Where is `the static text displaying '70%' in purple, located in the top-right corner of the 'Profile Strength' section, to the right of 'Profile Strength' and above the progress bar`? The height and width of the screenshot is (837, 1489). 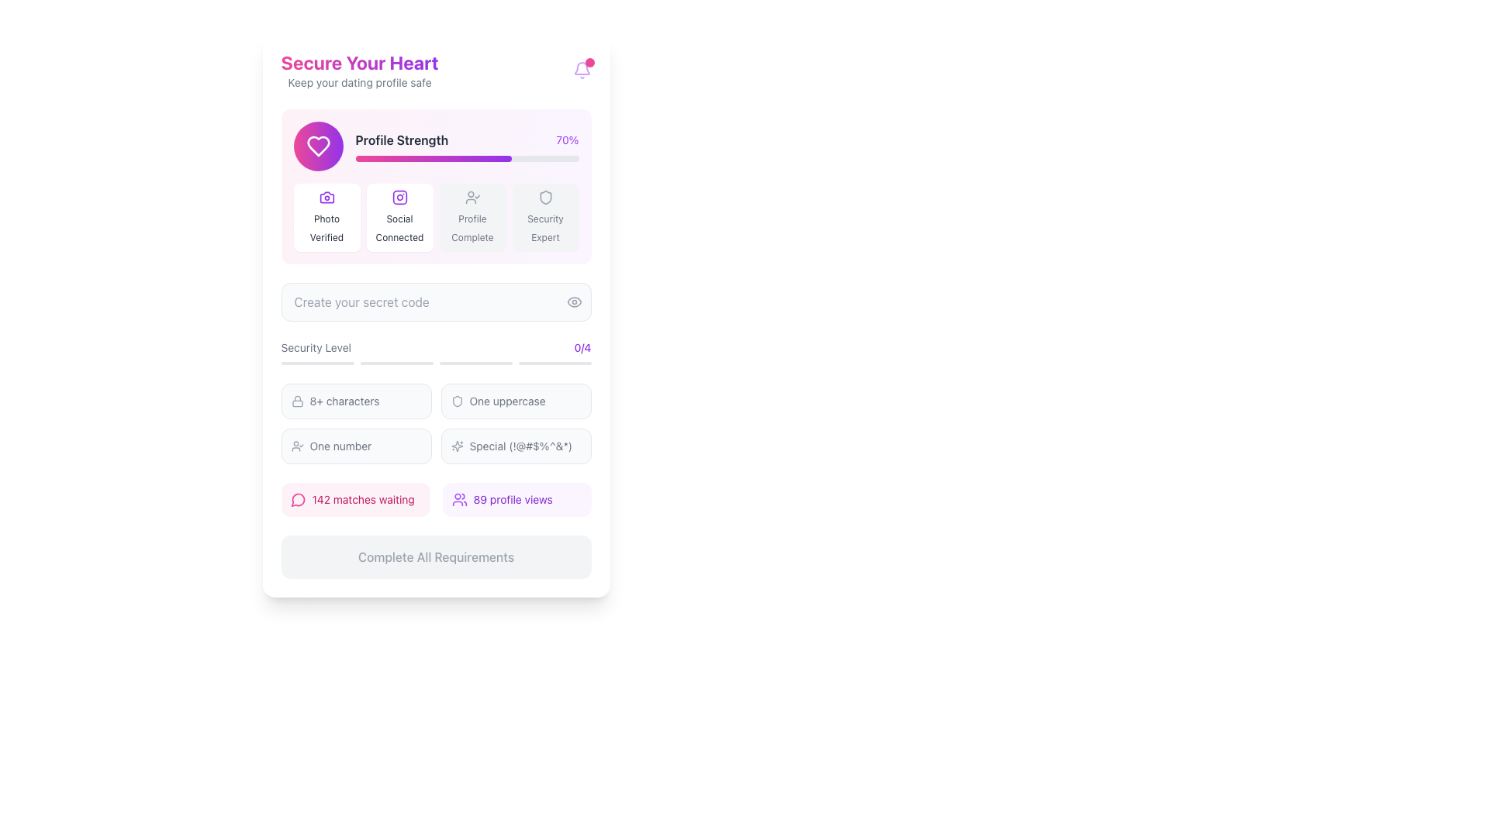 the static text displaying '70%' in purple, located in the top-right corner of the 'Profile Strength' section, to the right of 'Profile Strength' and above the progress bar is located at coordinates (566, 140).